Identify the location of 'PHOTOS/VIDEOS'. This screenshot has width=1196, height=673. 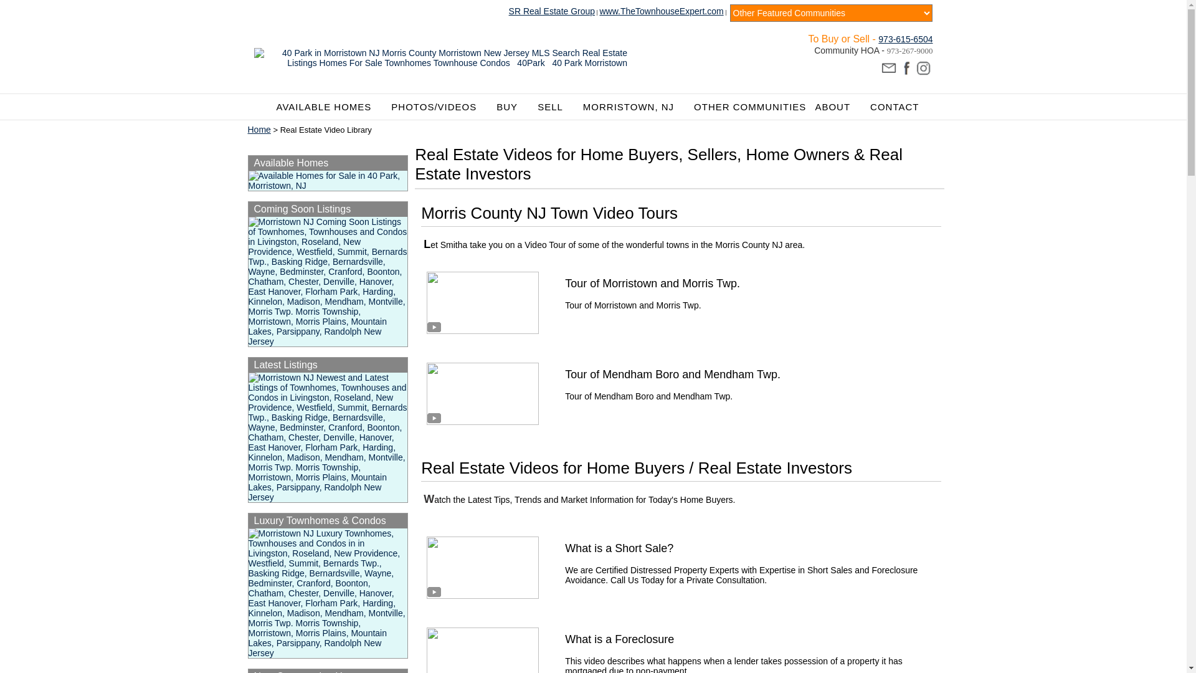
(439, 106).